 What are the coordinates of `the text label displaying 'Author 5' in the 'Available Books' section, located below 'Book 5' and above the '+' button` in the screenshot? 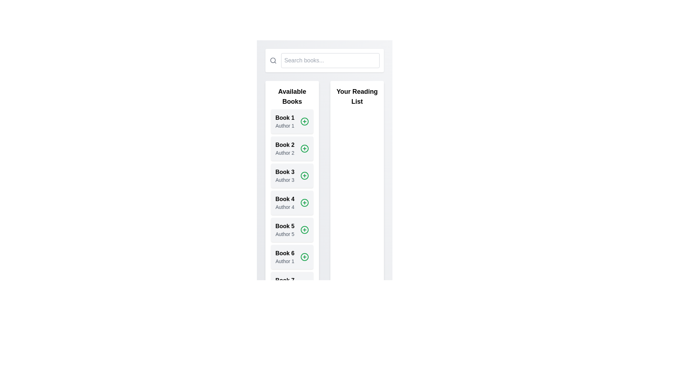 It's located at (284, 234).